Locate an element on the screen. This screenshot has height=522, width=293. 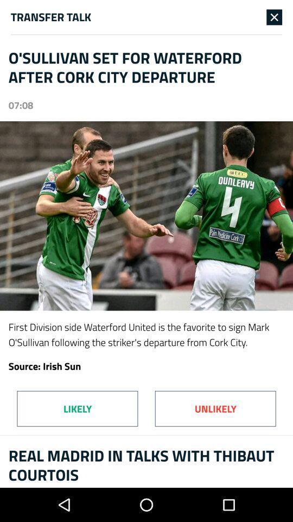
icon to the right of likely item is located at coordinates (215, 408).